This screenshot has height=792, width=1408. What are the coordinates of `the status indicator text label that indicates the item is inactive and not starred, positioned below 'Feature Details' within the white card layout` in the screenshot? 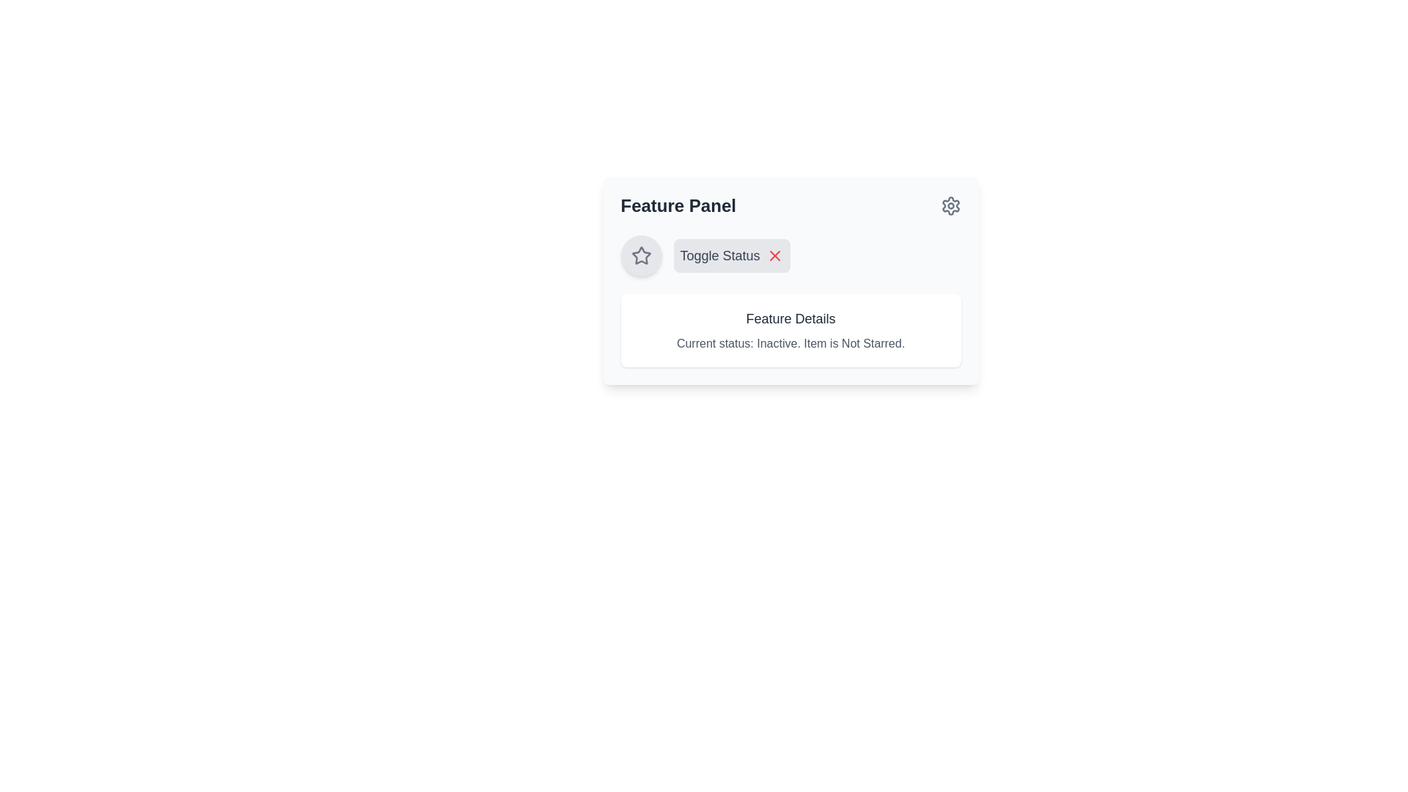 It's located at (790, 344).